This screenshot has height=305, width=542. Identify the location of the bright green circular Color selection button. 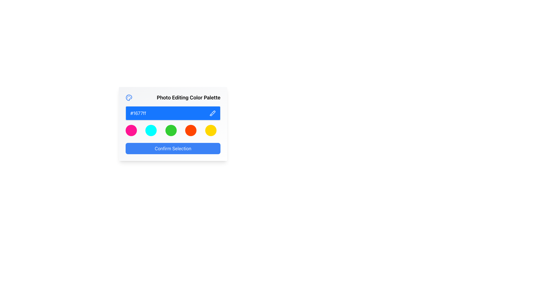
(171, 130).